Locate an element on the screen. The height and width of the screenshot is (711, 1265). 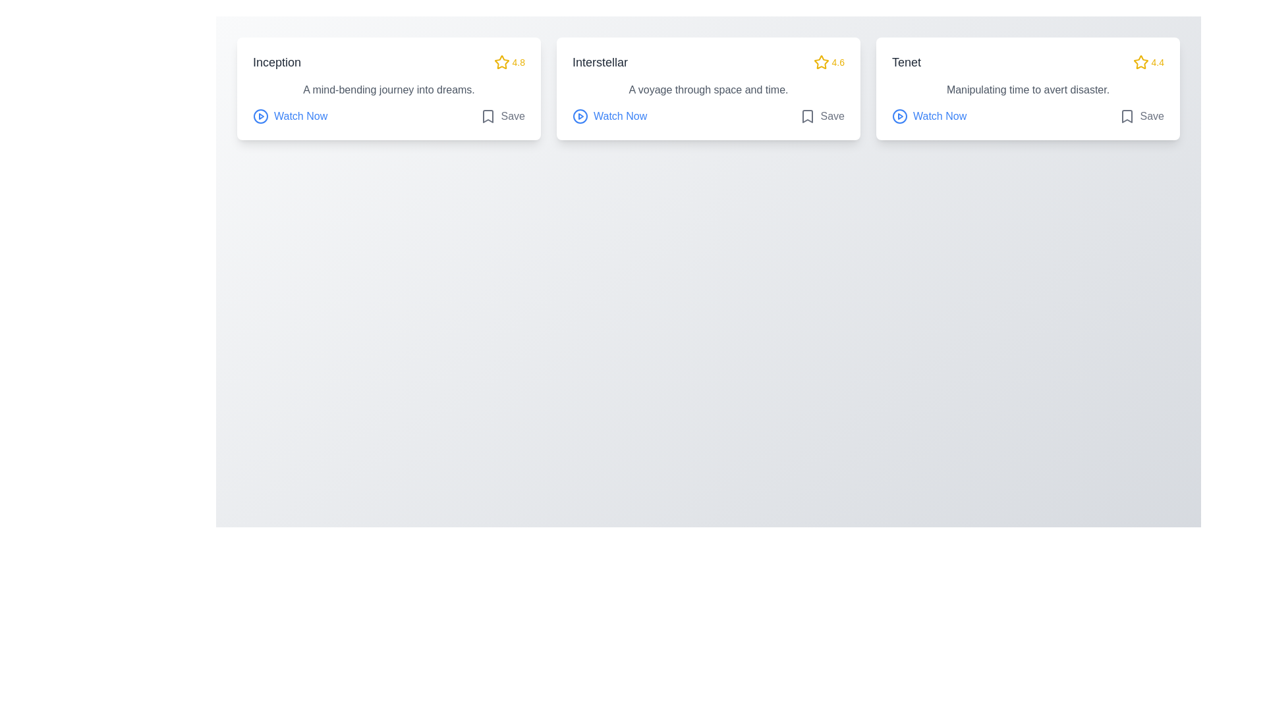
the star icon with a yellow outline located in the top-right corner of the 'Tenet' card, which is positioned next to the '4.4' rating text is located at coordinates (1140, 63).